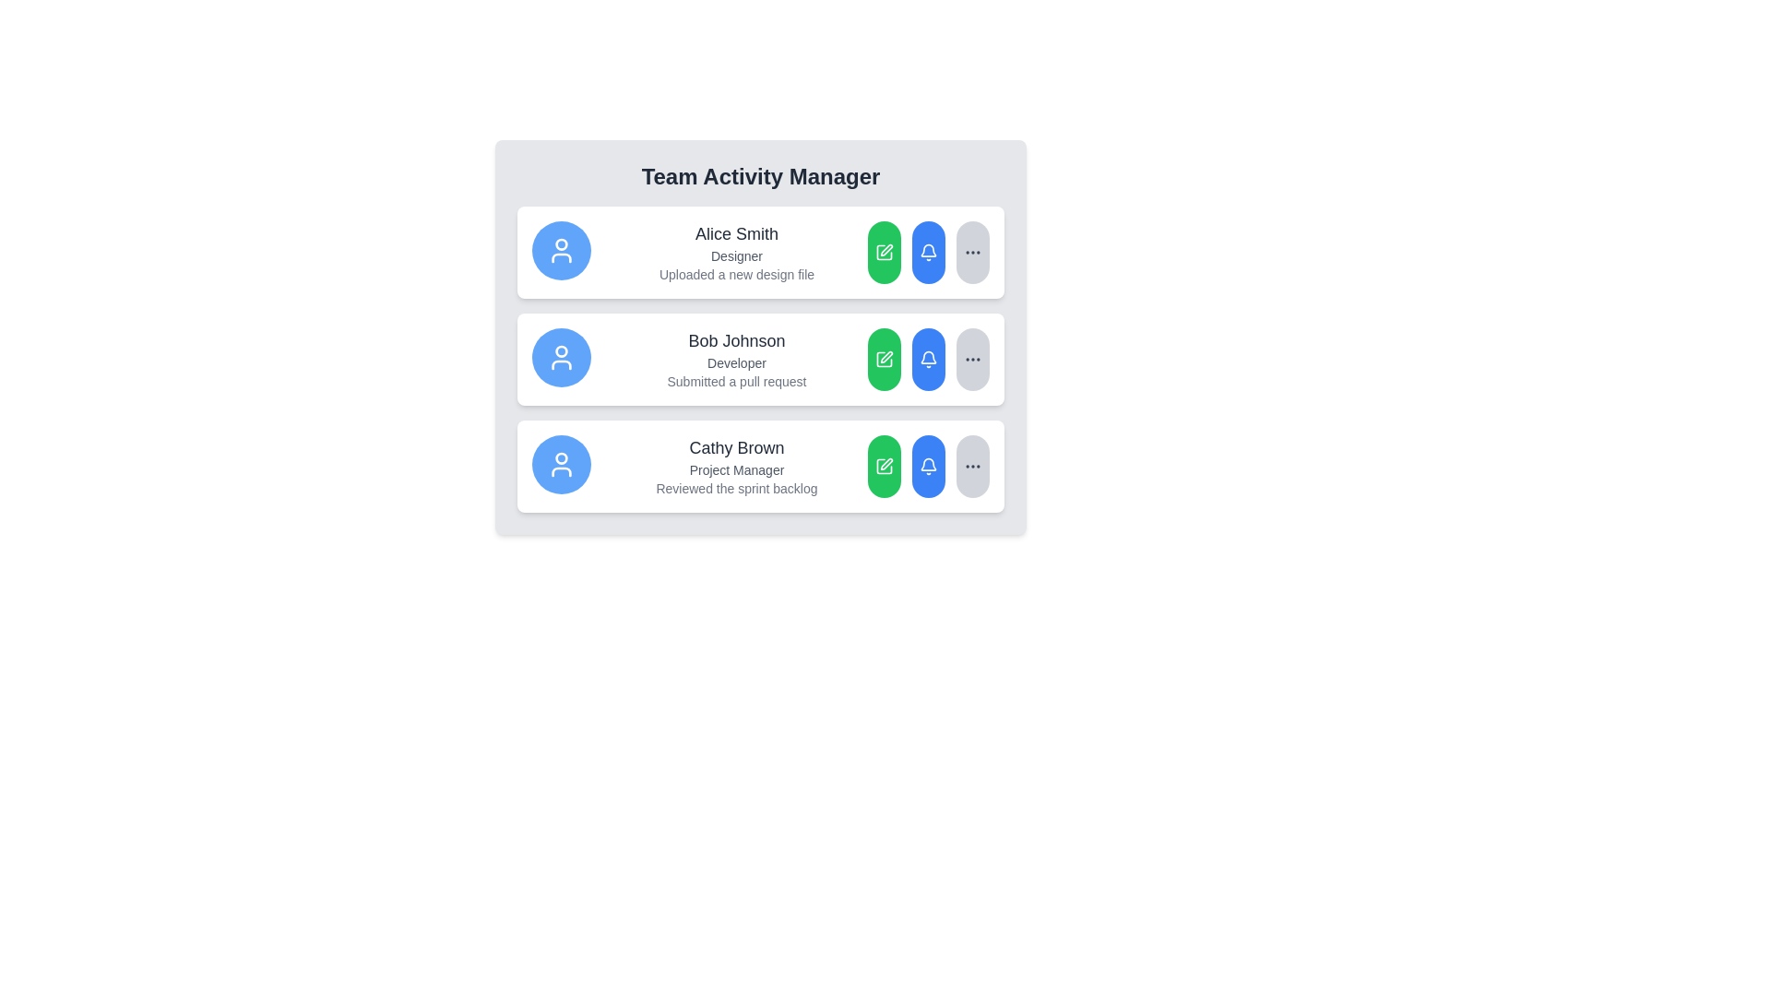 The width and height of the screenshot is (1771, 996). What do you see at coordinates (929, 357) in the screenshot?
I see `the blue outlined bell icon located` at bounding box center [929, 357].